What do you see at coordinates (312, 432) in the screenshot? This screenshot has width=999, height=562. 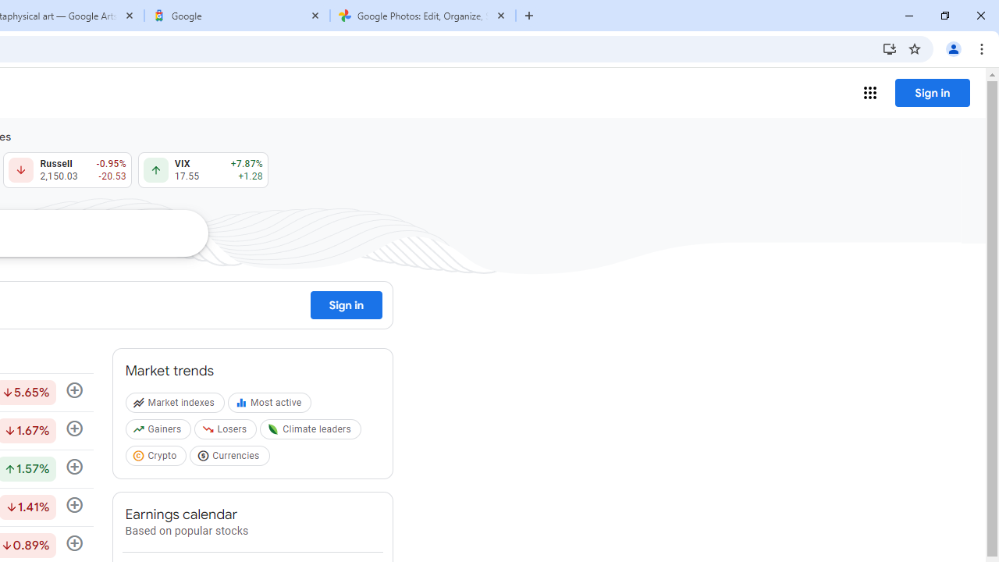 I see `'GLeaf logo Climate leaders'` at bounding box center [312, 432].